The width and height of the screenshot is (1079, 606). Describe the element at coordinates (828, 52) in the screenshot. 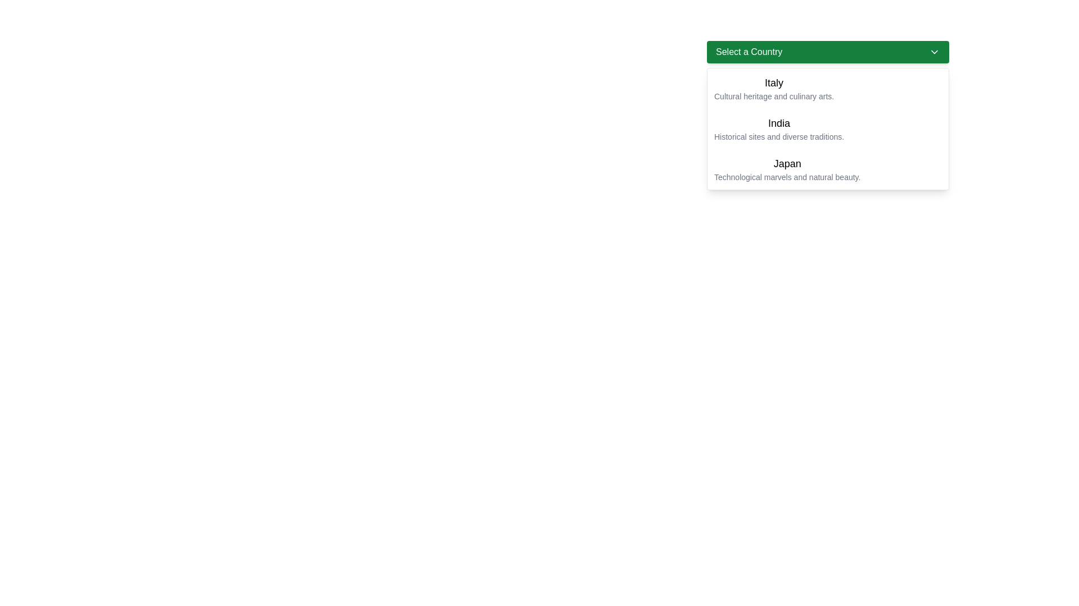

I see `the Dropdown button located near the top-center of the interface` at that location.